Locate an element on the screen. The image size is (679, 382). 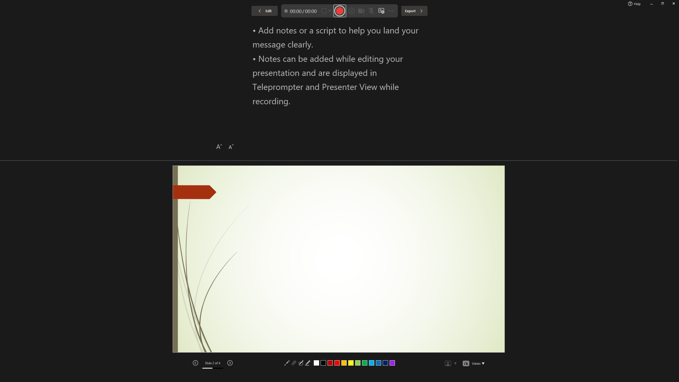
'Zoom 154%' is located at coordinates (667, 368).